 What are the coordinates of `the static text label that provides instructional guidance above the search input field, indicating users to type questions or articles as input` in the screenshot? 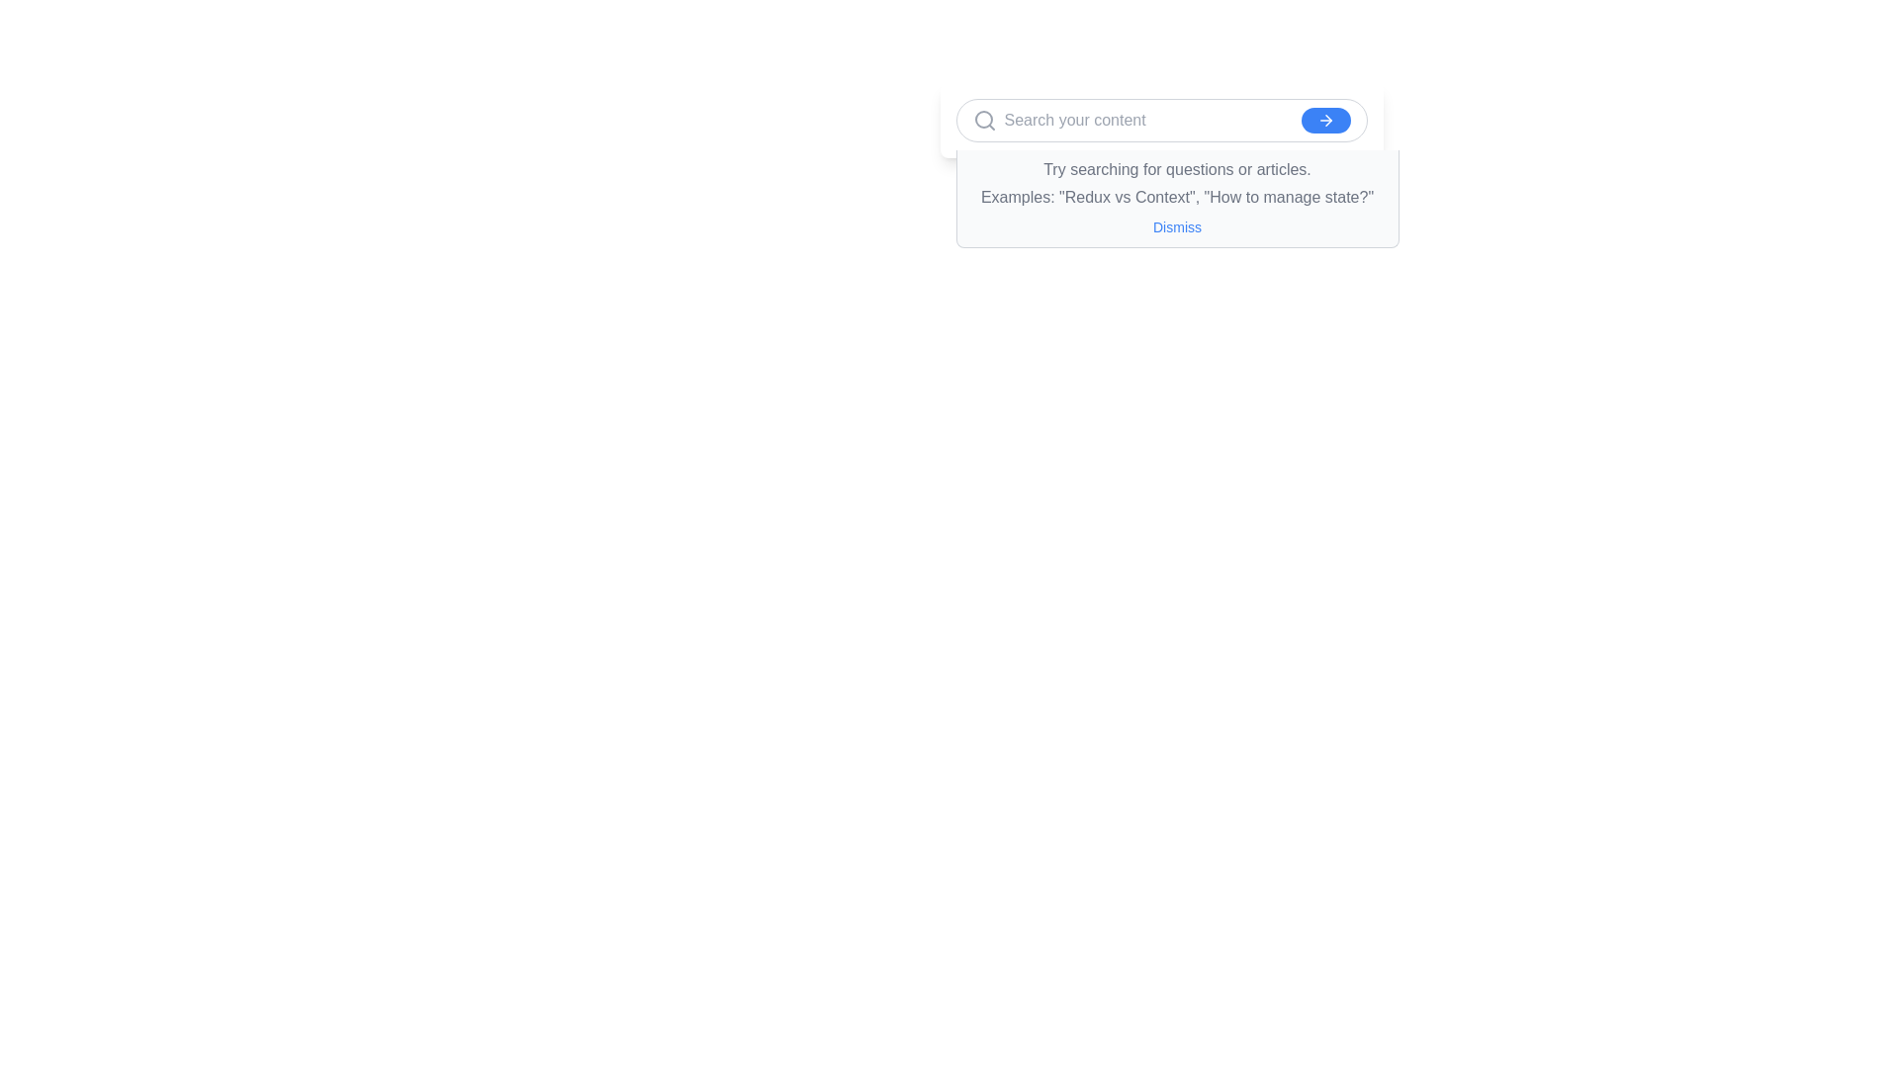 It's located at (1177, 169).